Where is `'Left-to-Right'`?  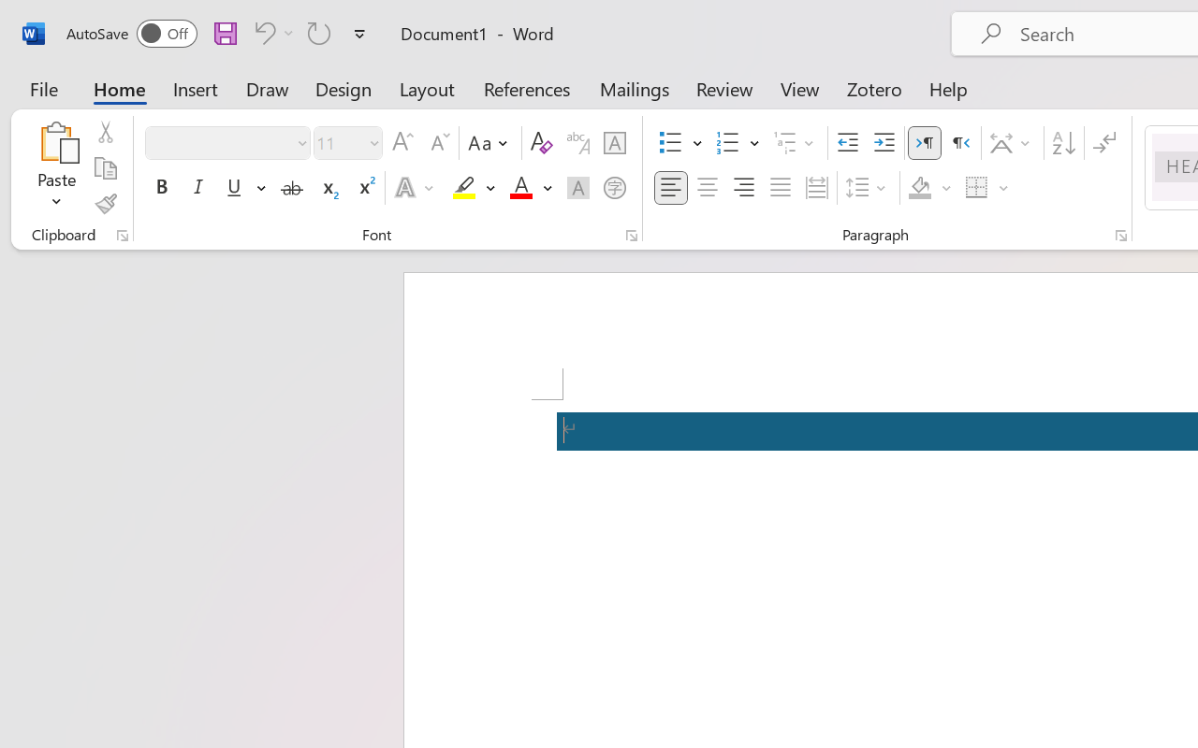 'Left-to-Right' is located at coordinates (925, 143).